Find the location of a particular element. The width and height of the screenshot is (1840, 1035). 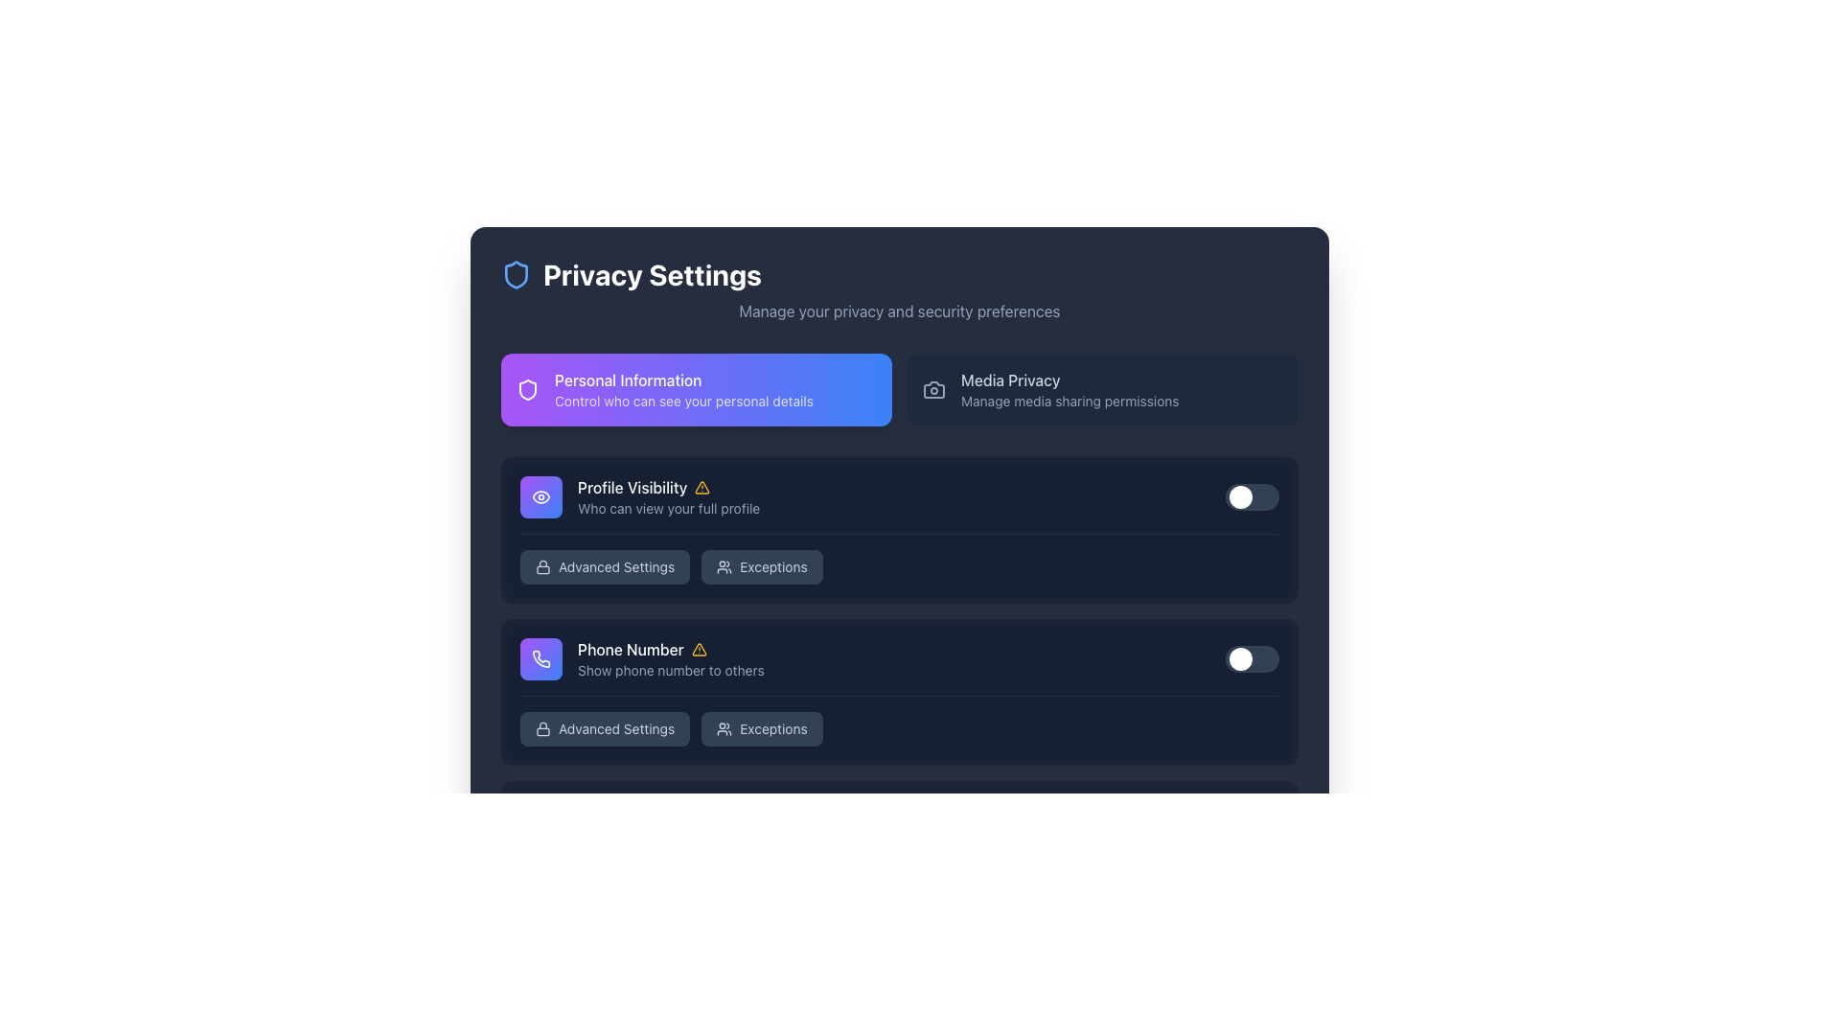

the 'Profile Visibility' settings button located in the Privacy Settings section to receive interaction feedback is located at coordinates (604, 565).